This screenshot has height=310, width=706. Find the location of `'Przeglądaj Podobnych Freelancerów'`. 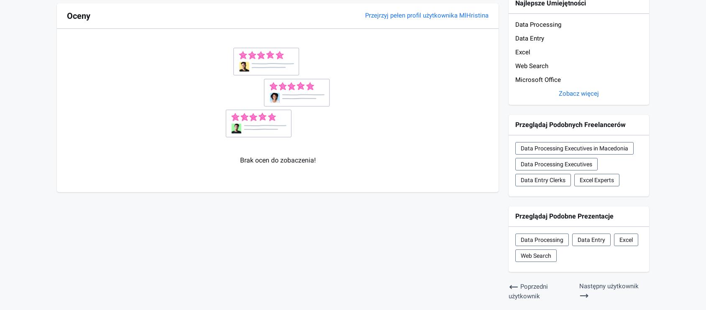

'Przeglądaj Podobnych Freelancerów' is located at coordinates (515, 124).